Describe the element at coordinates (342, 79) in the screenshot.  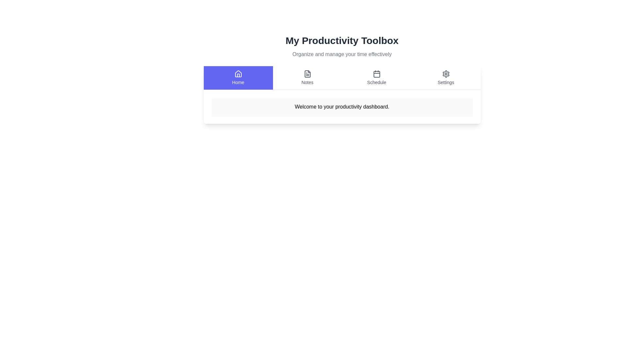
I see `the main dashboard interface element that includes navigation tabs and an introductory message` at that location.